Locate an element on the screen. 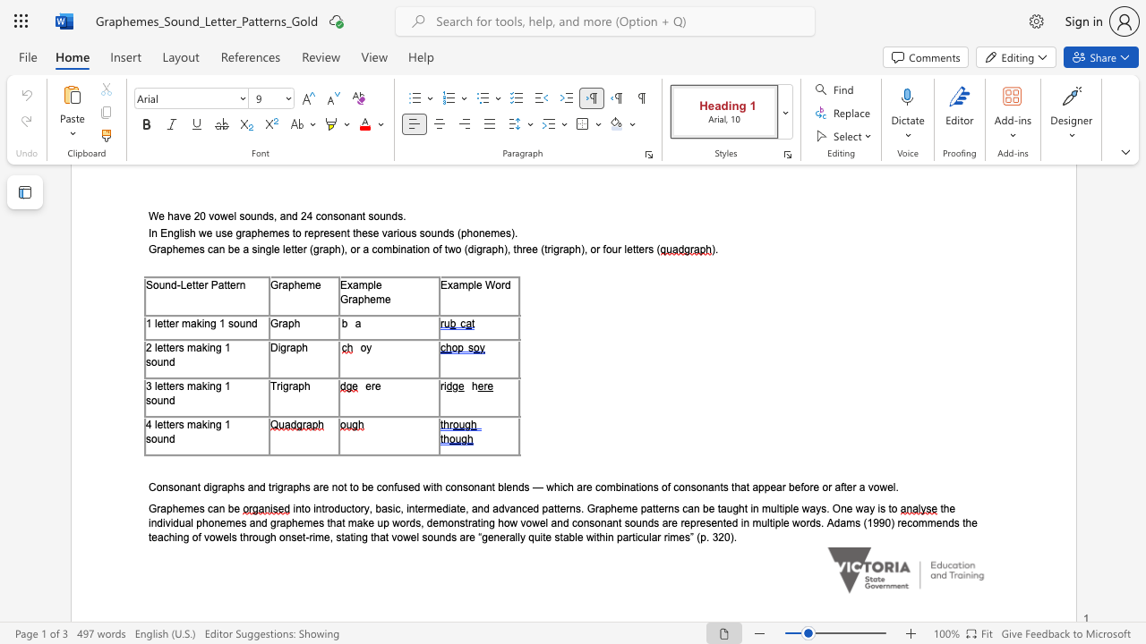  the subset text "vowel and consonant sounds are represented in multiple words. Ad" within the text "how vowel and consonant sounds are represented in multiple words. Adams (1990) recommends the teaching of vowels through onset-rime," is located at coordinates (519, 522).